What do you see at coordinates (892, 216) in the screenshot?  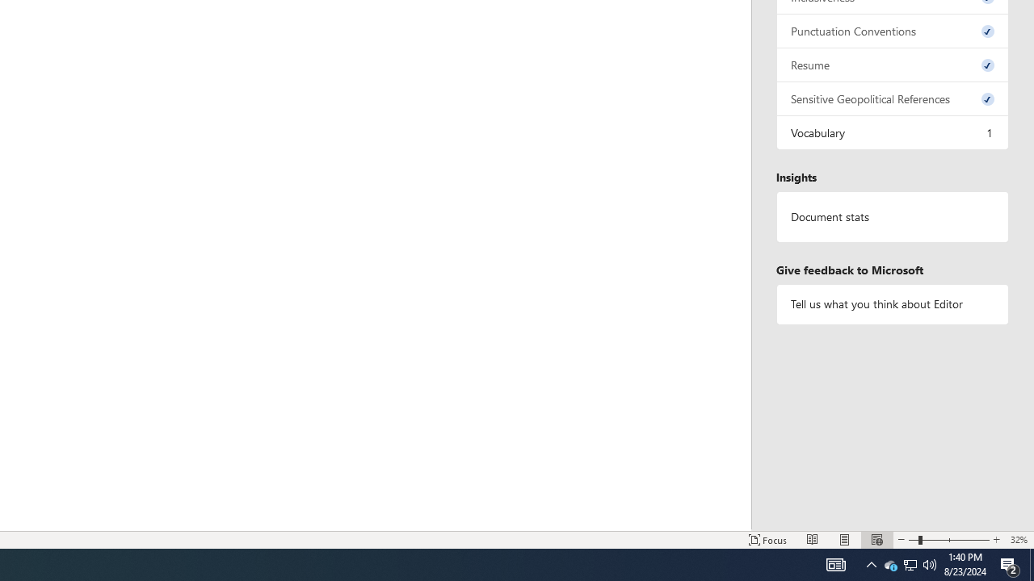 I see `'Document statistics'` at bounding box center [892, 216].